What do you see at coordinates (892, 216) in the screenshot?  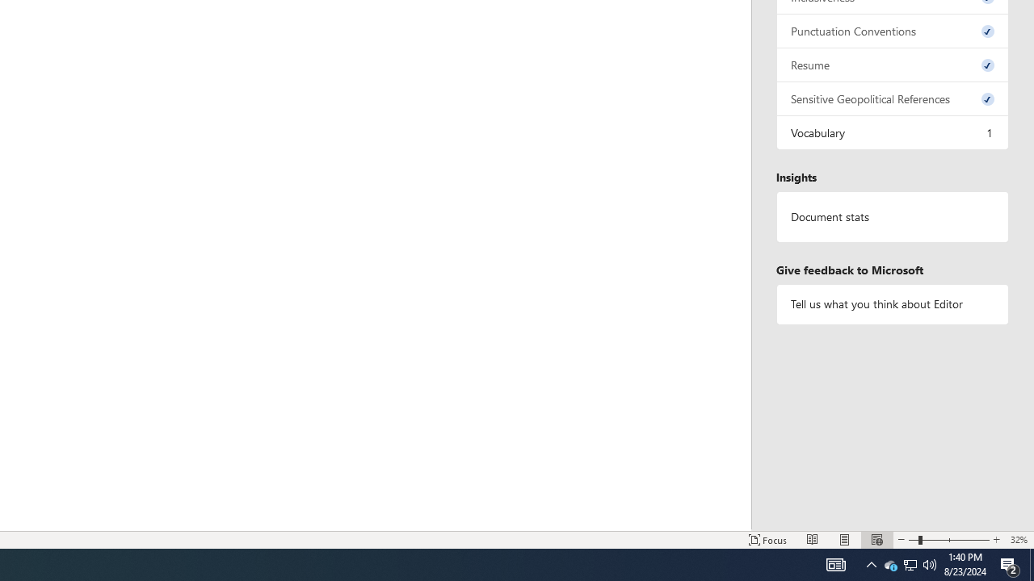 I see `'Document statistics'` at bounding box center [892, 216].